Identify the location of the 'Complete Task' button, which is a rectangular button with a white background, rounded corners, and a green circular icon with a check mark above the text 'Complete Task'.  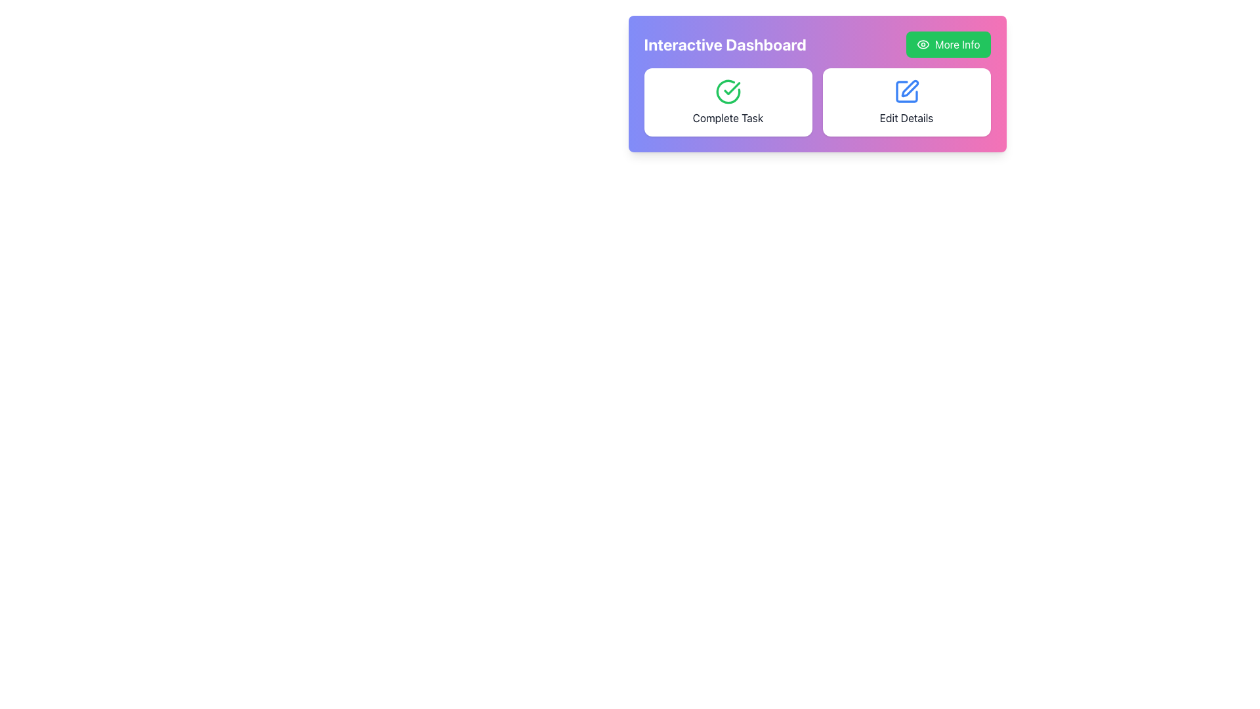
(727, 101).